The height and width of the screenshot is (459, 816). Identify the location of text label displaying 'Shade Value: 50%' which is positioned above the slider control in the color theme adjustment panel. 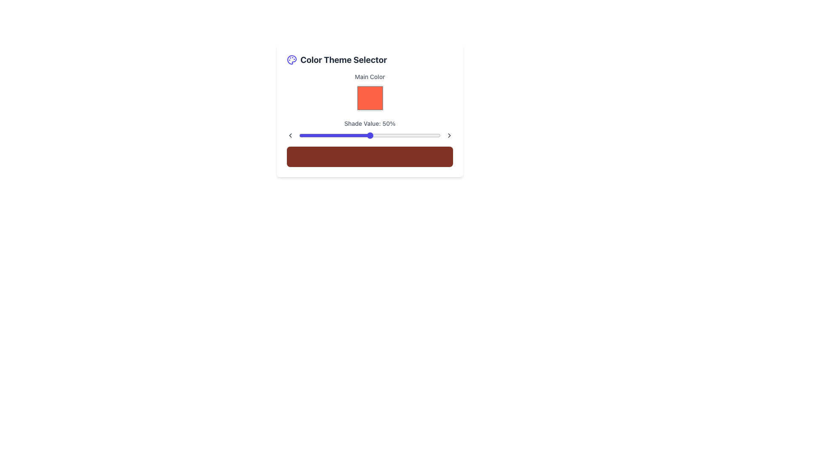
(370, 123).